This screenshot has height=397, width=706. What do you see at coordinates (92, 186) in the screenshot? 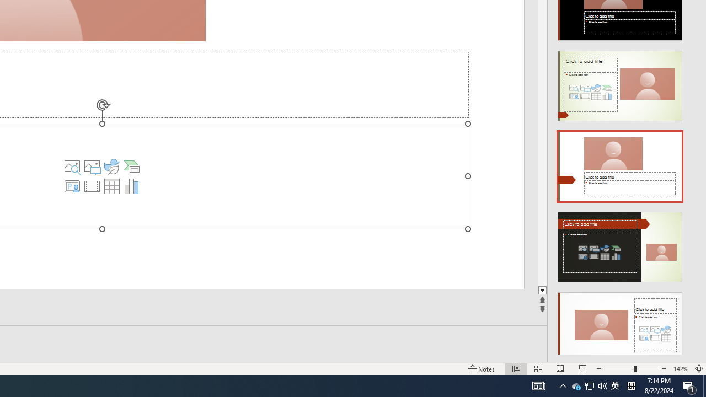
I see `'Insert Video'` at bounding box center [92, 186].